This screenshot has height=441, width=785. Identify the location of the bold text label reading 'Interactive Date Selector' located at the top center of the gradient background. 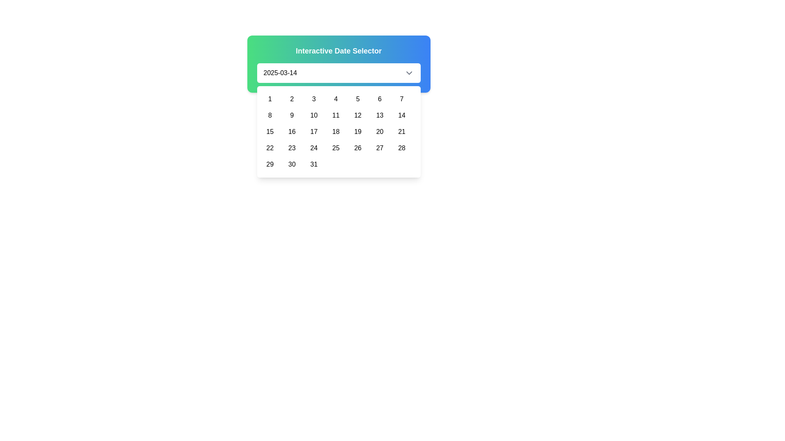
(339, 51).